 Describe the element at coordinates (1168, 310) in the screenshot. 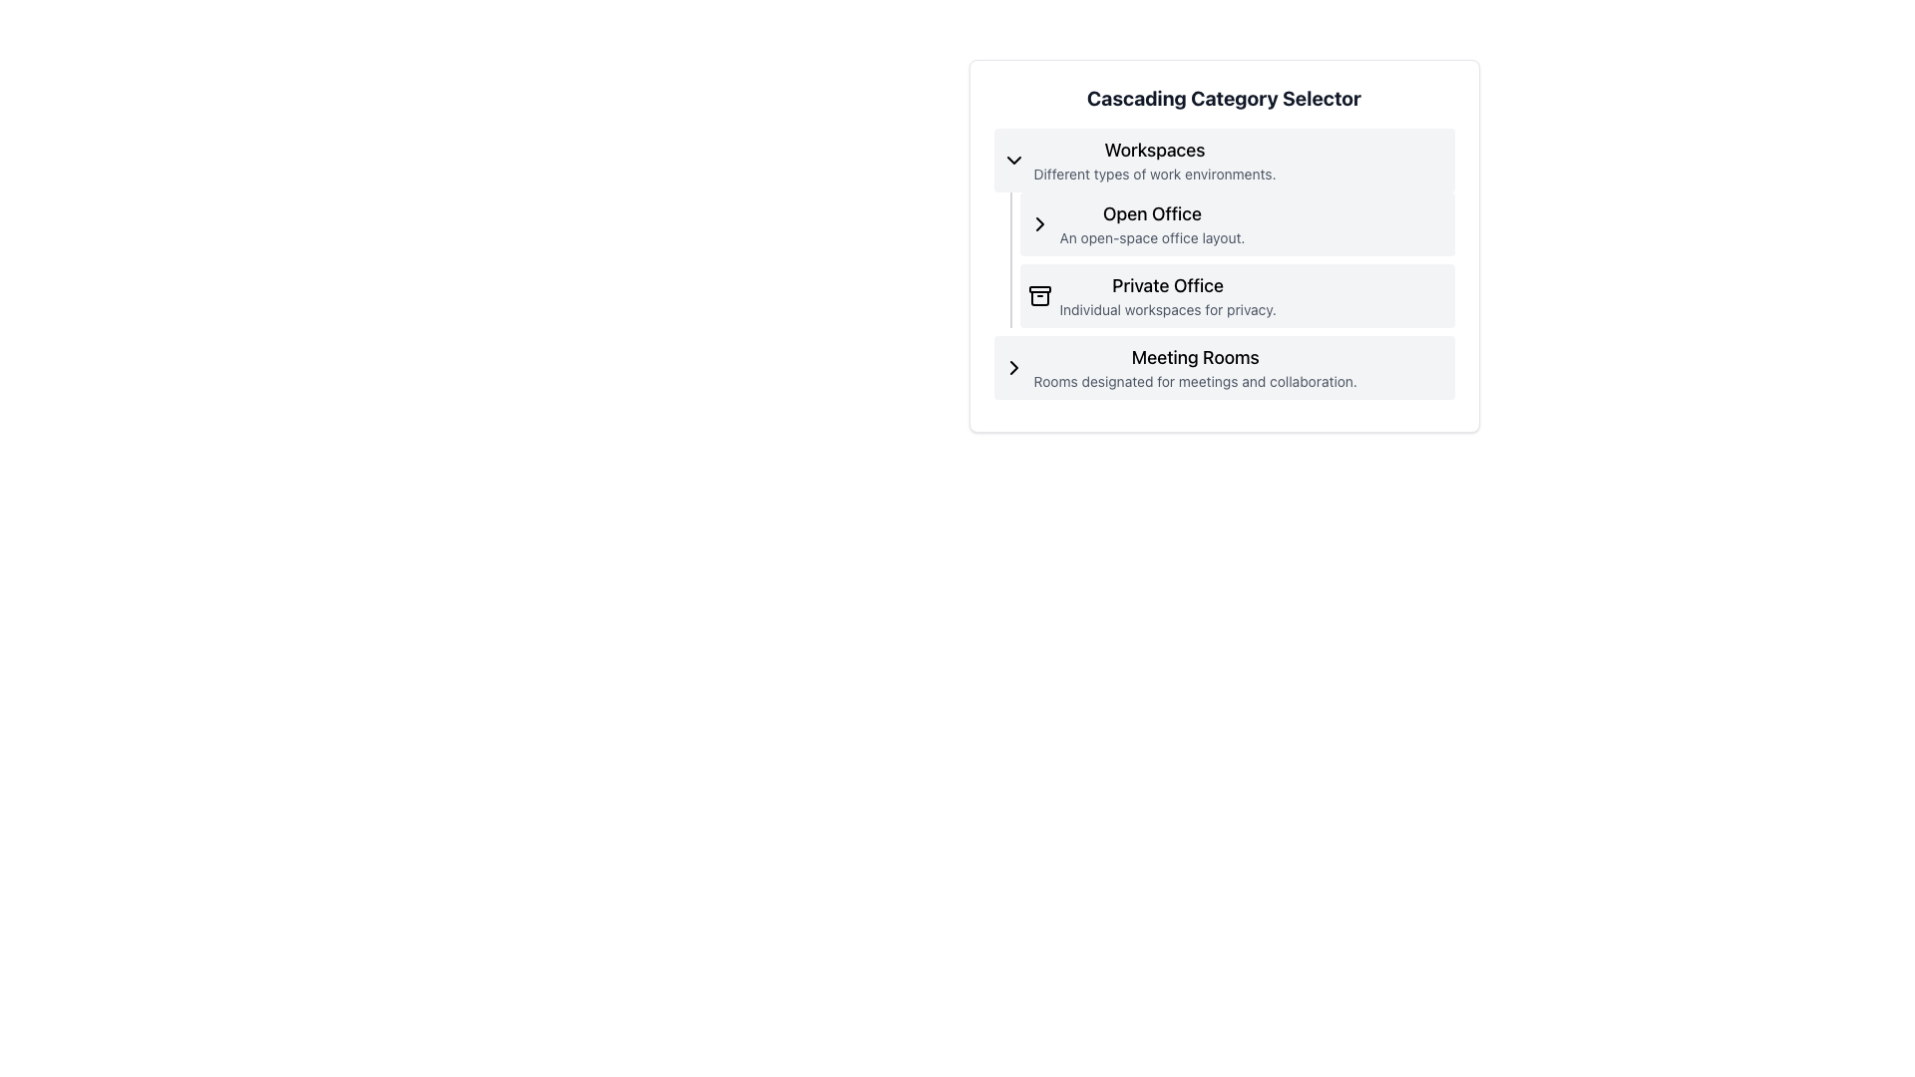

I see `the text label that states 'Individual workspaces for privacy.' which is styled with a small font size and gray text color, located directly below the title 'Private Office' in the cascading menu` at that location.